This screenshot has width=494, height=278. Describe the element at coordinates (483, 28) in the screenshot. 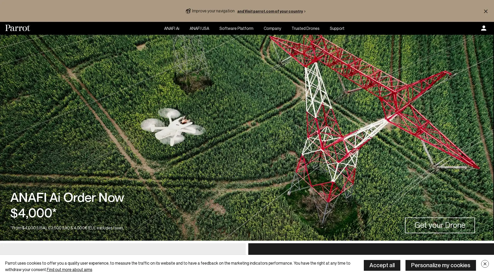

I see `my-parrot` at that location.